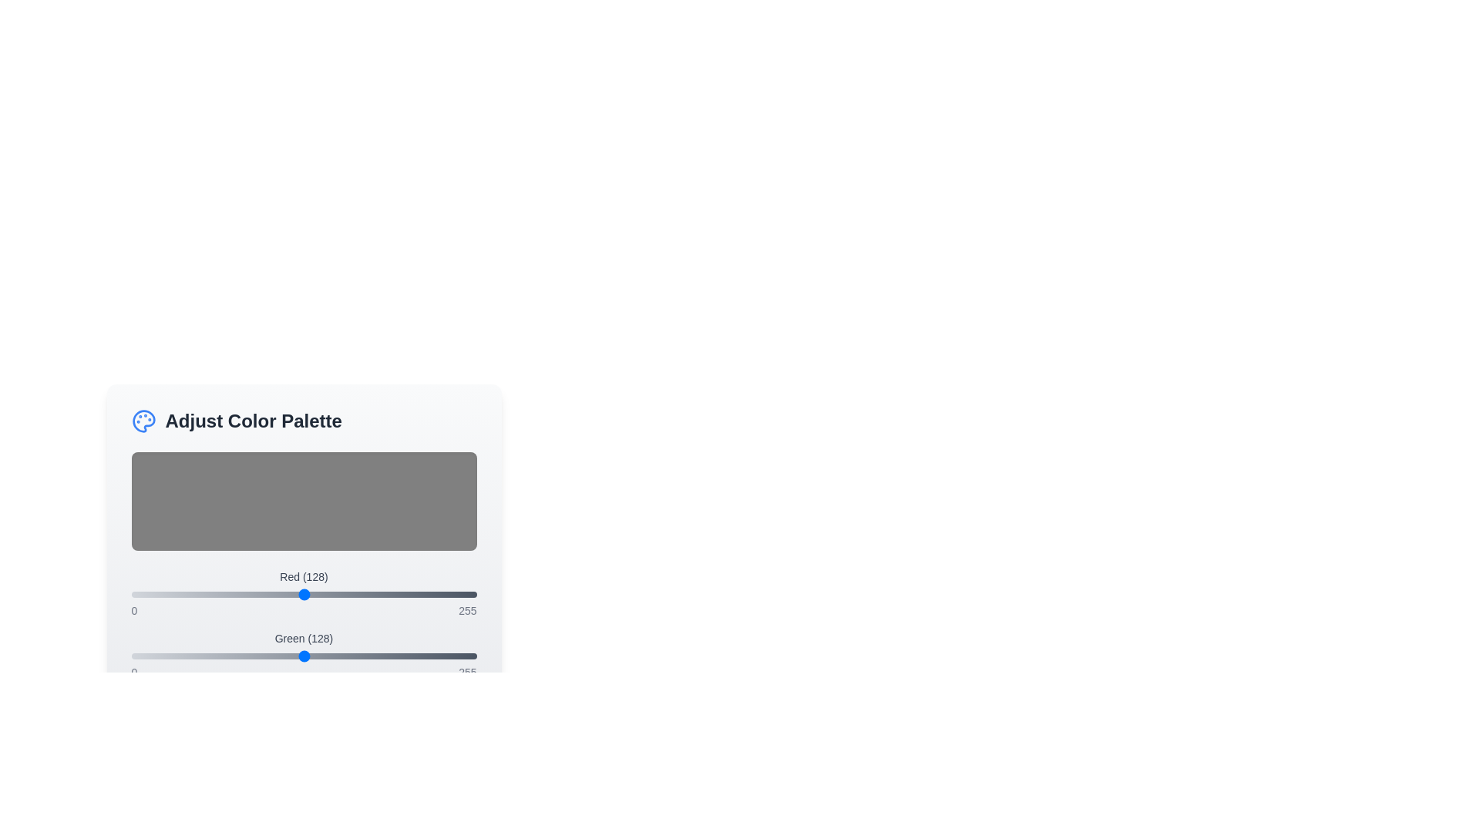 The image size is (1480, 832). I want to click on the red color slider to 242, so click(458, 593).